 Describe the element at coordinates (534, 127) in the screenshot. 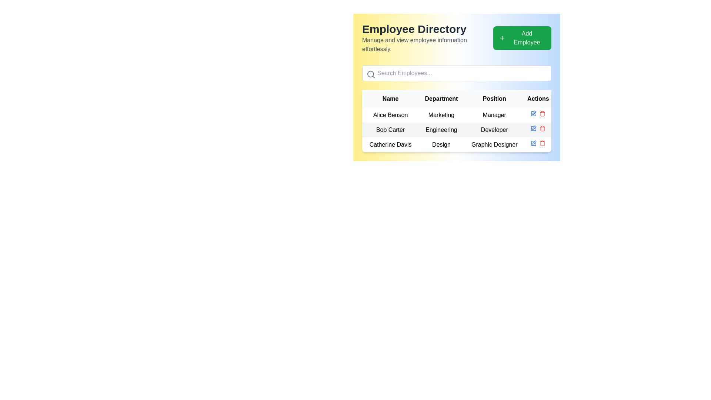

I see `the pen icon button in the 'Actions' column to initiate editing for the entry of Bob Carter` at that location.